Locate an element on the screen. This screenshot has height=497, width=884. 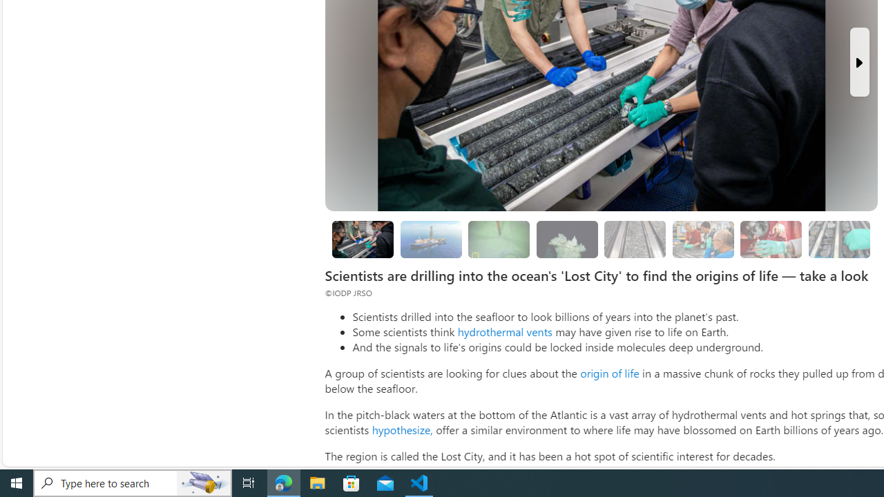
'hydrothermal vents' is located at coordinates (503, 331).